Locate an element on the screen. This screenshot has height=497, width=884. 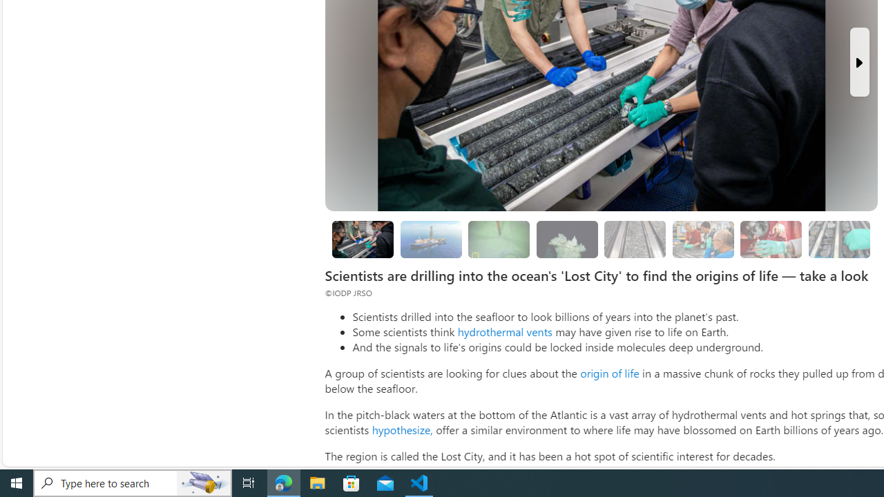
'hydrothermal vents' is located at coordinates (503, 331).